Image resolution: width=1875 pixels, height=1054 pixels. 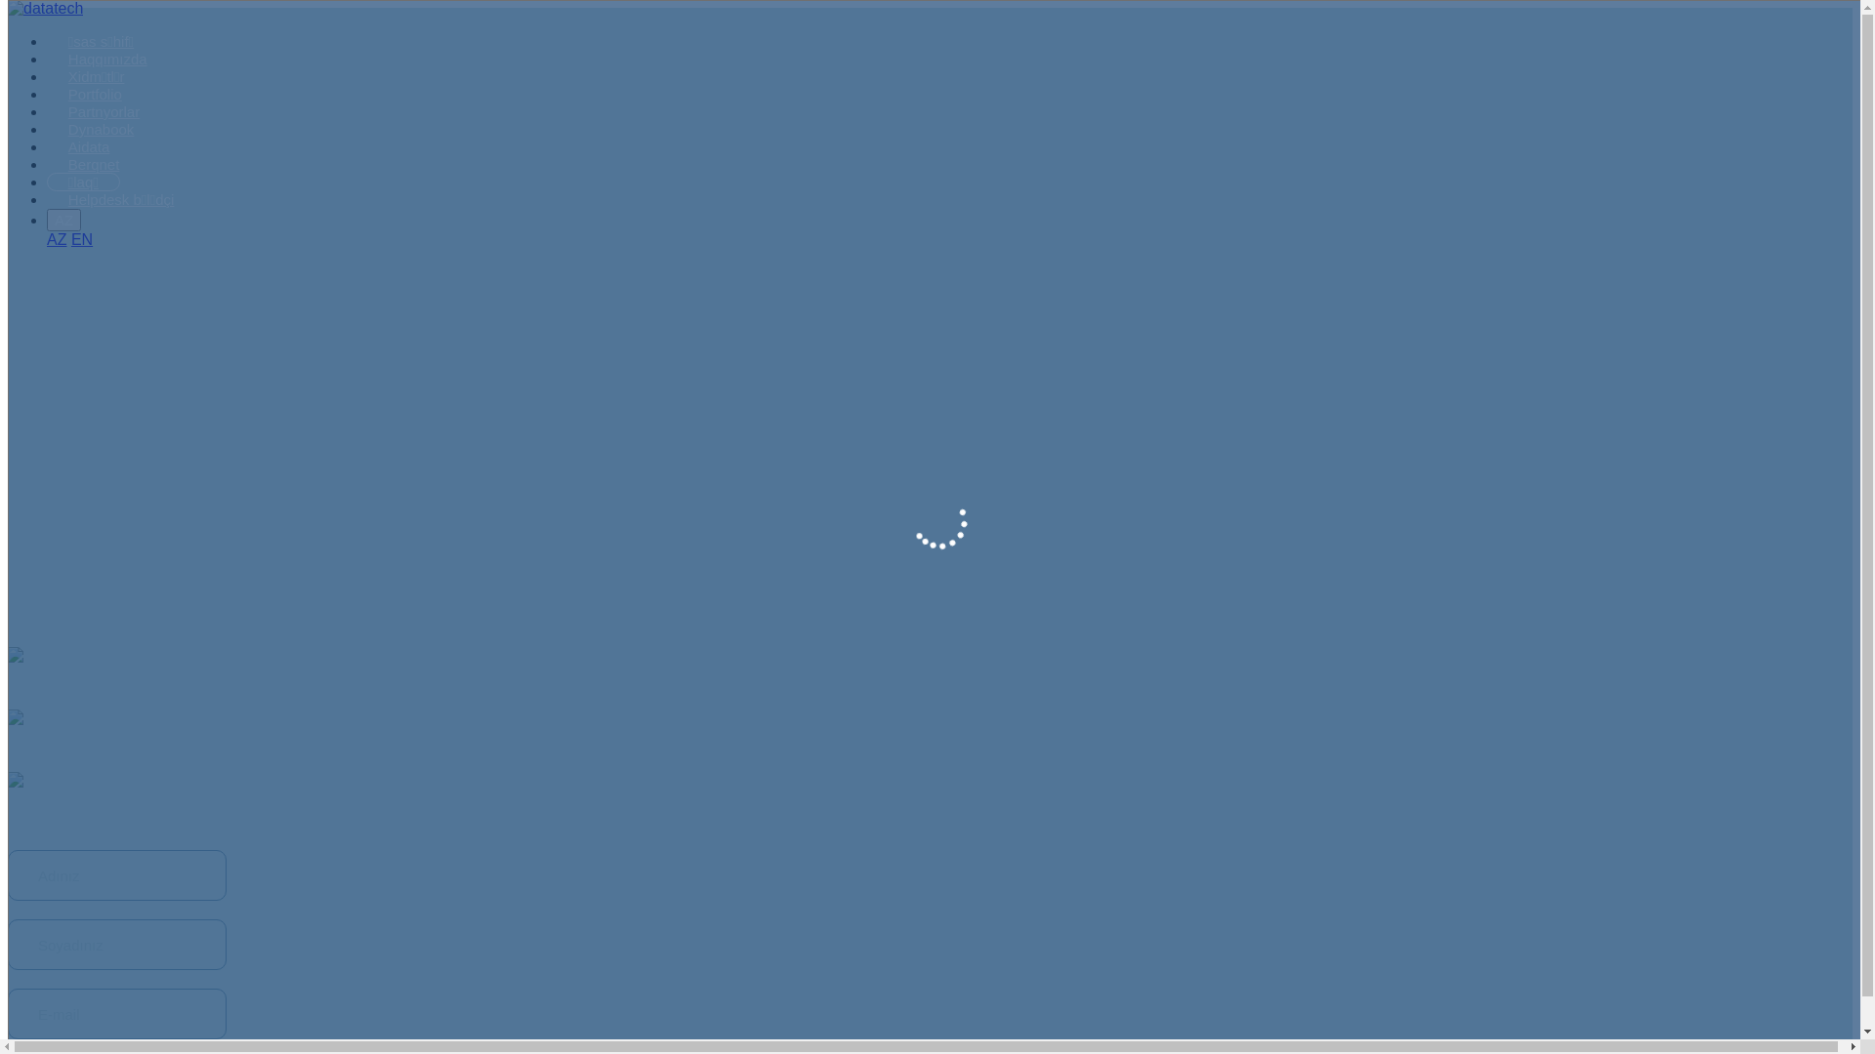 What do you see at coordinates (63, 220) in the screenshot?
I see `'AZ'` at bounding box center [63, 220].